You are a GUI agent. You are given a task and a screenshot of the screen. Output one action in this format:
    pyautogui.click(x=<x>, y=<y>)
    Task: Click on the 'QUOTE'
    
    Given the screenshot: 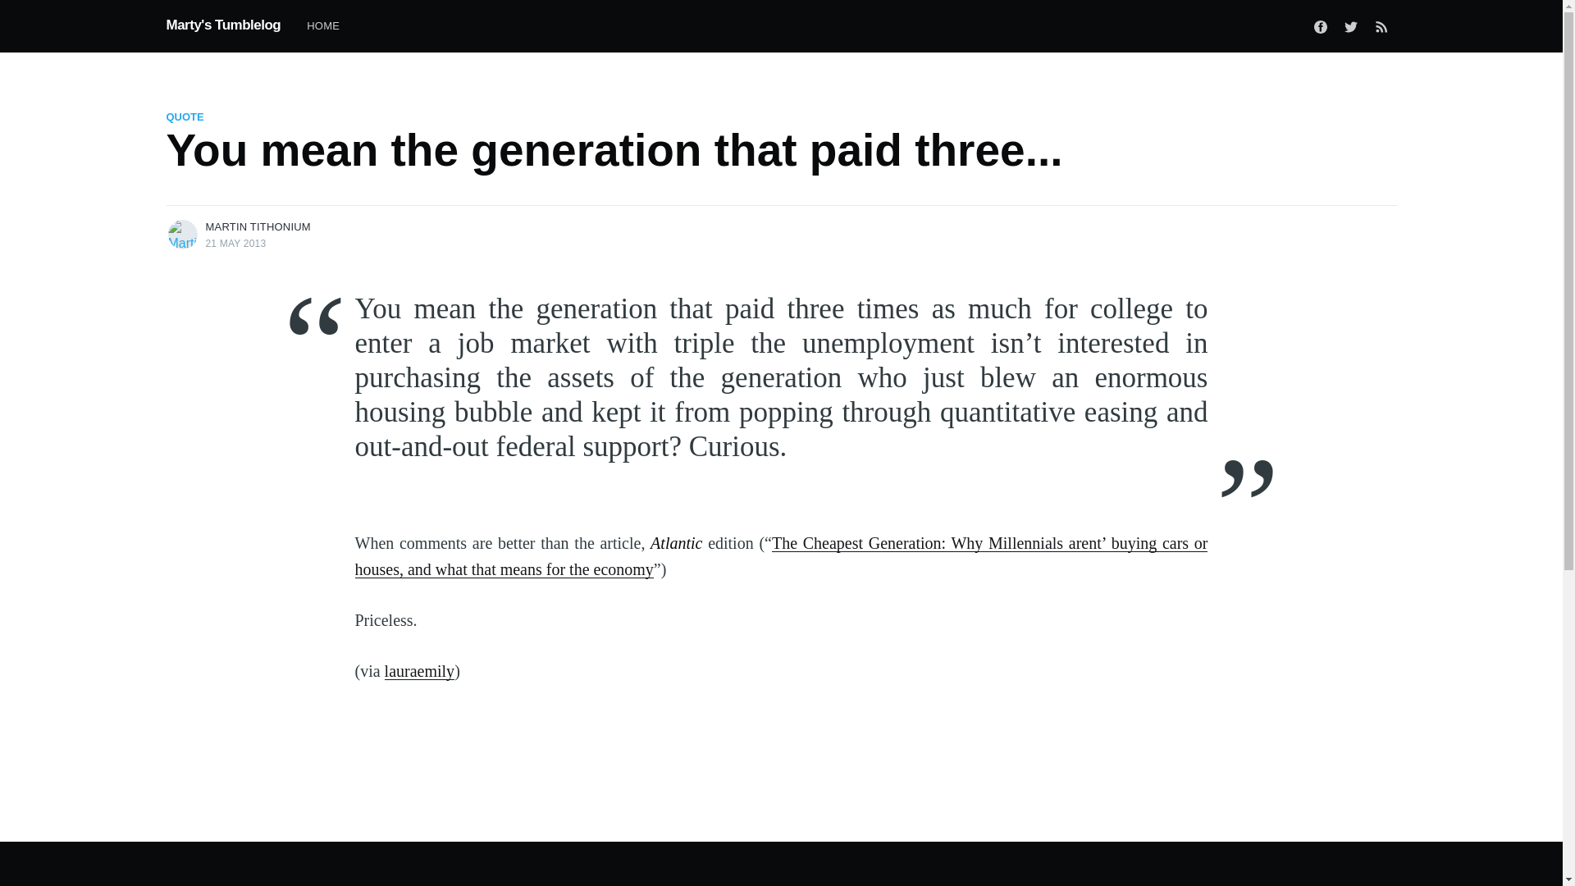 What is the action you would take?
    pyautogui.click(x=185, y=116)
    